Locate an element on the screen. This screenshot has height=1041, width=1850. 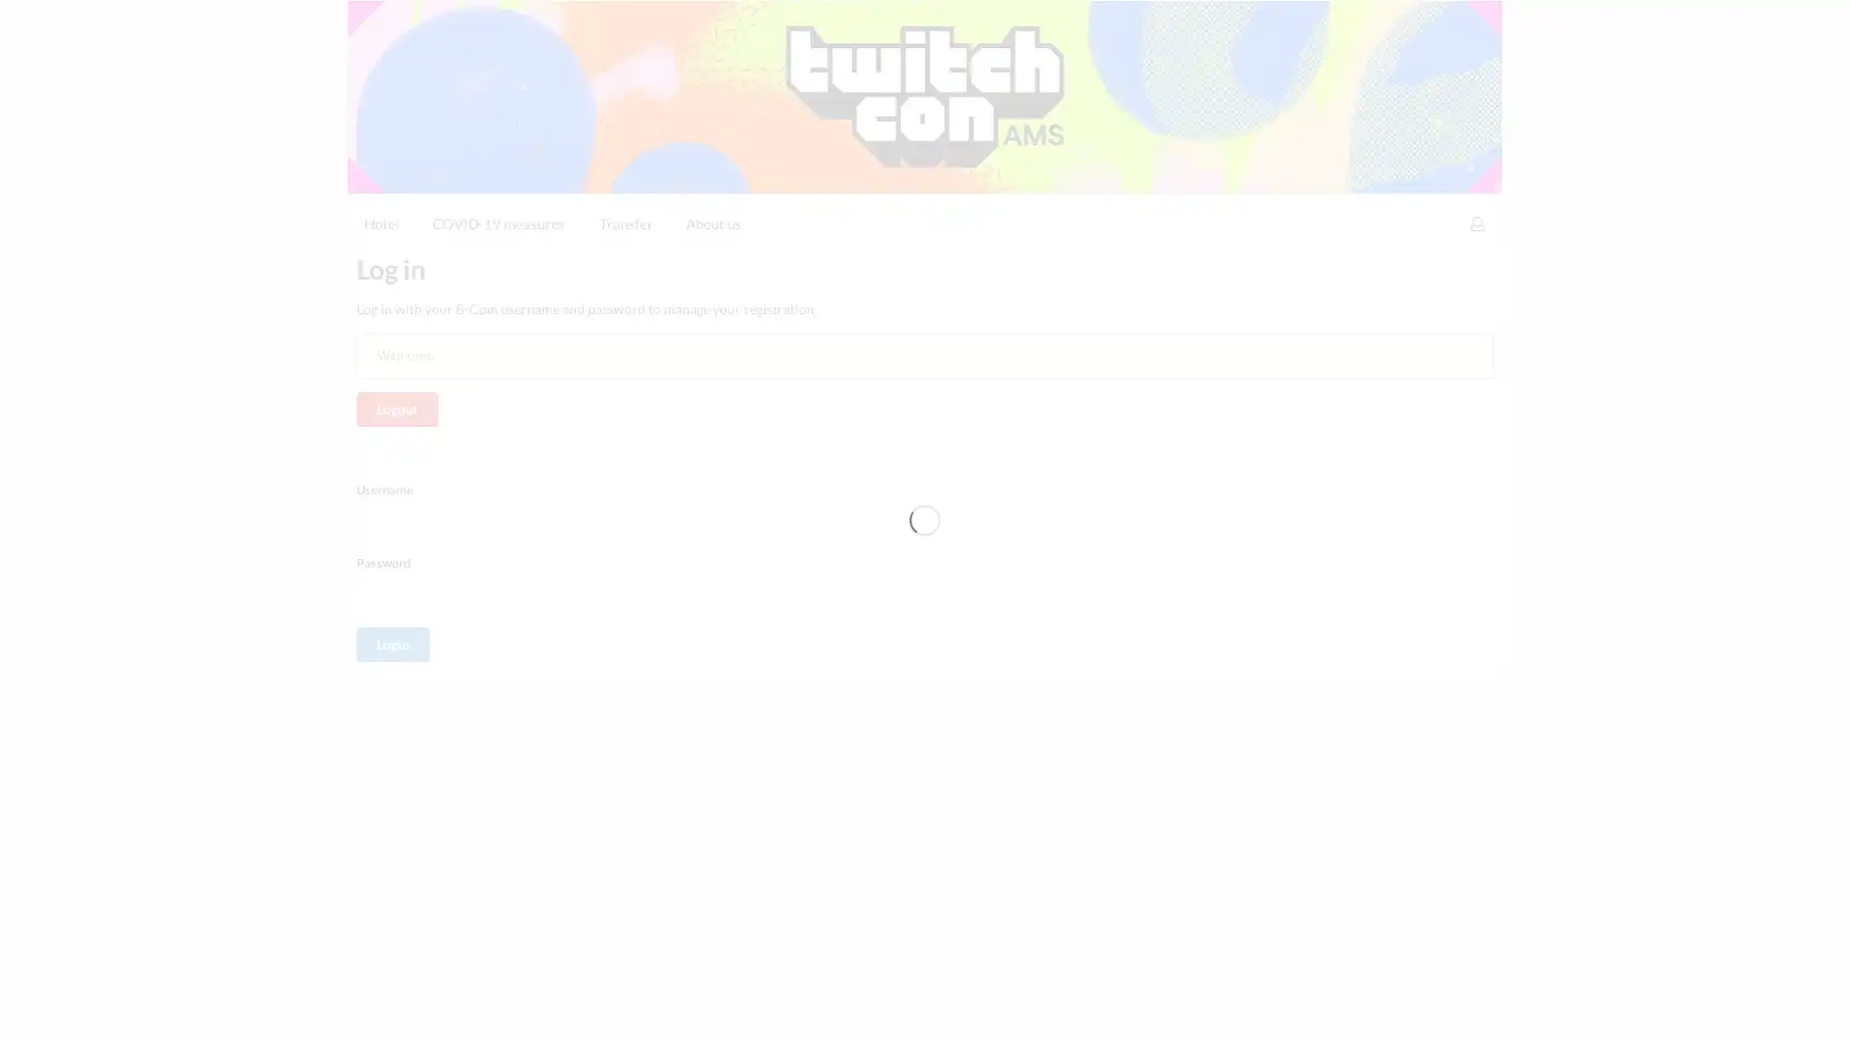
Allow All is located at coordinates (1429, 1009).